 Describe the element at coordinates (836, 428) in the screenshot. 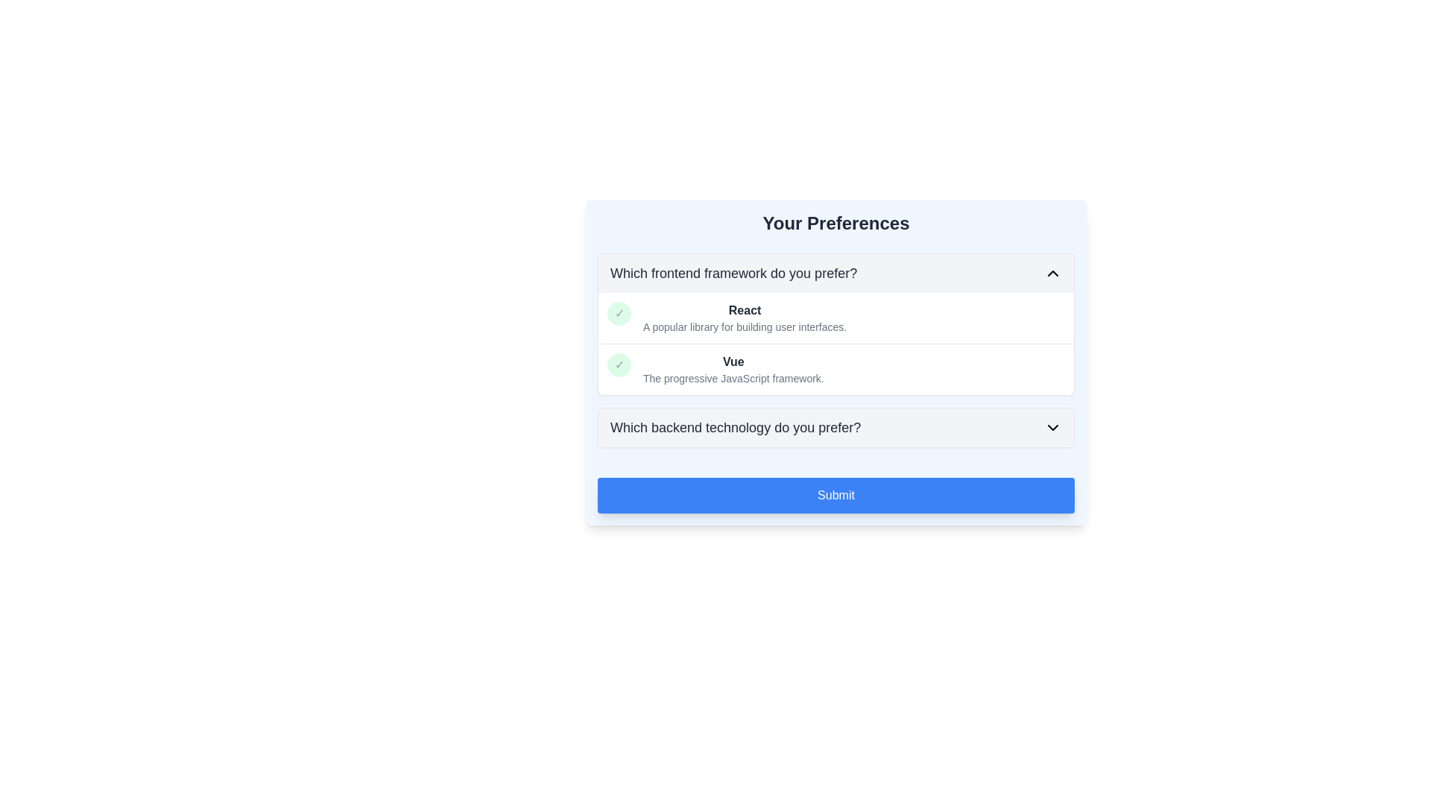

I see `the dropdown menu for selecting backend technology, located below the frontend framework choices and above the blue 'Submit' button` at that location.